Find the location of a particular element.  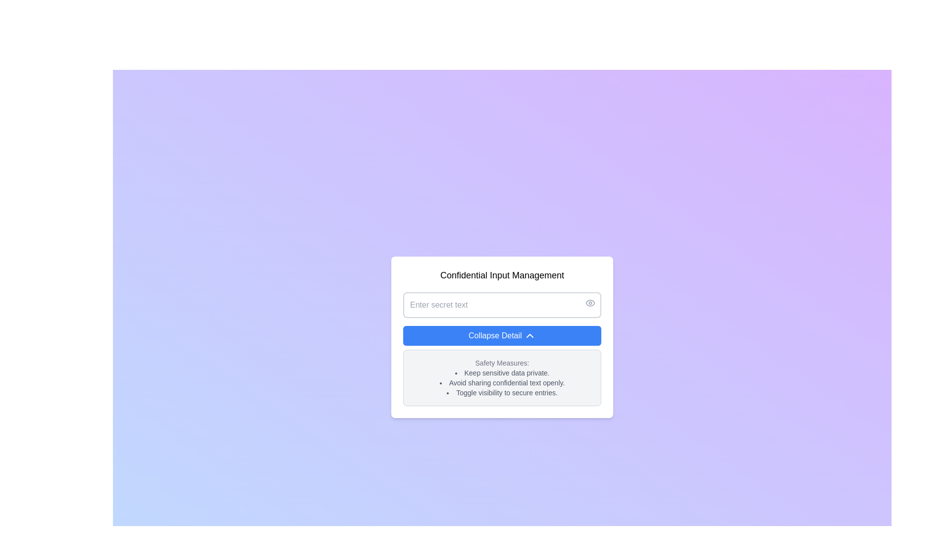

the third Text List Item in the 'Safety Measures' section, which informs users about toggling visibility to secure sensitive data entries is located at coordinates (502, 392).